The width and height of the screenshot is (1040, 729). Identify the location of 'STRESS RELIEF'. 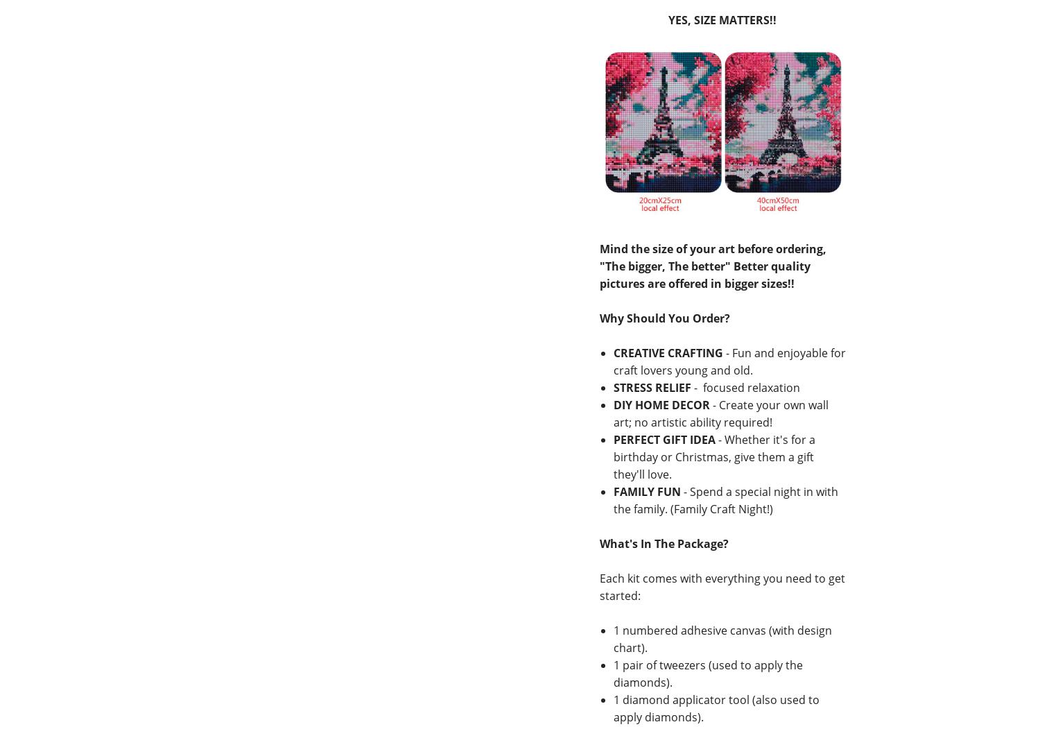
(651, 387).